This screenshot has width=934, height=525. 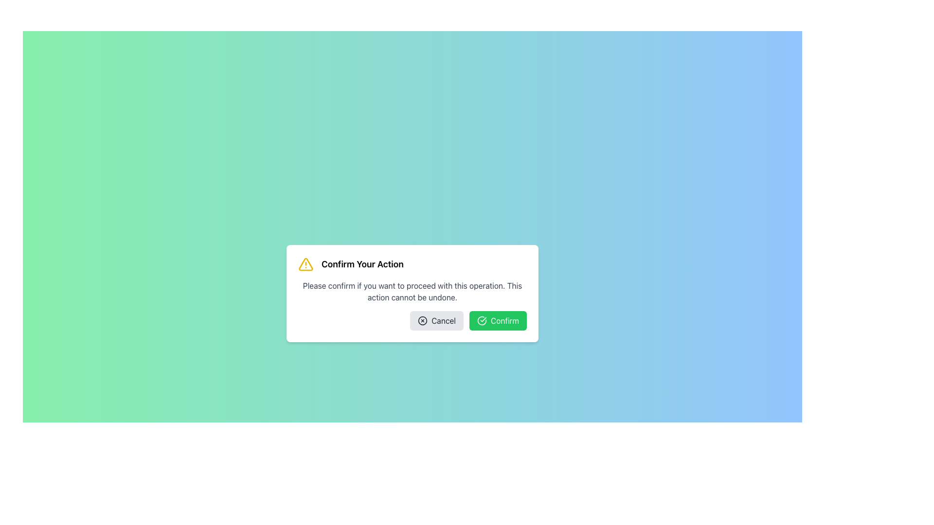 What do you see at coordinates (423, 320) in the screenshot?
I see `the visual appearance of the circular cancel icon located at the center of the 'Cancel' button in the confirmation dialog` at bounding box center [423, 320].